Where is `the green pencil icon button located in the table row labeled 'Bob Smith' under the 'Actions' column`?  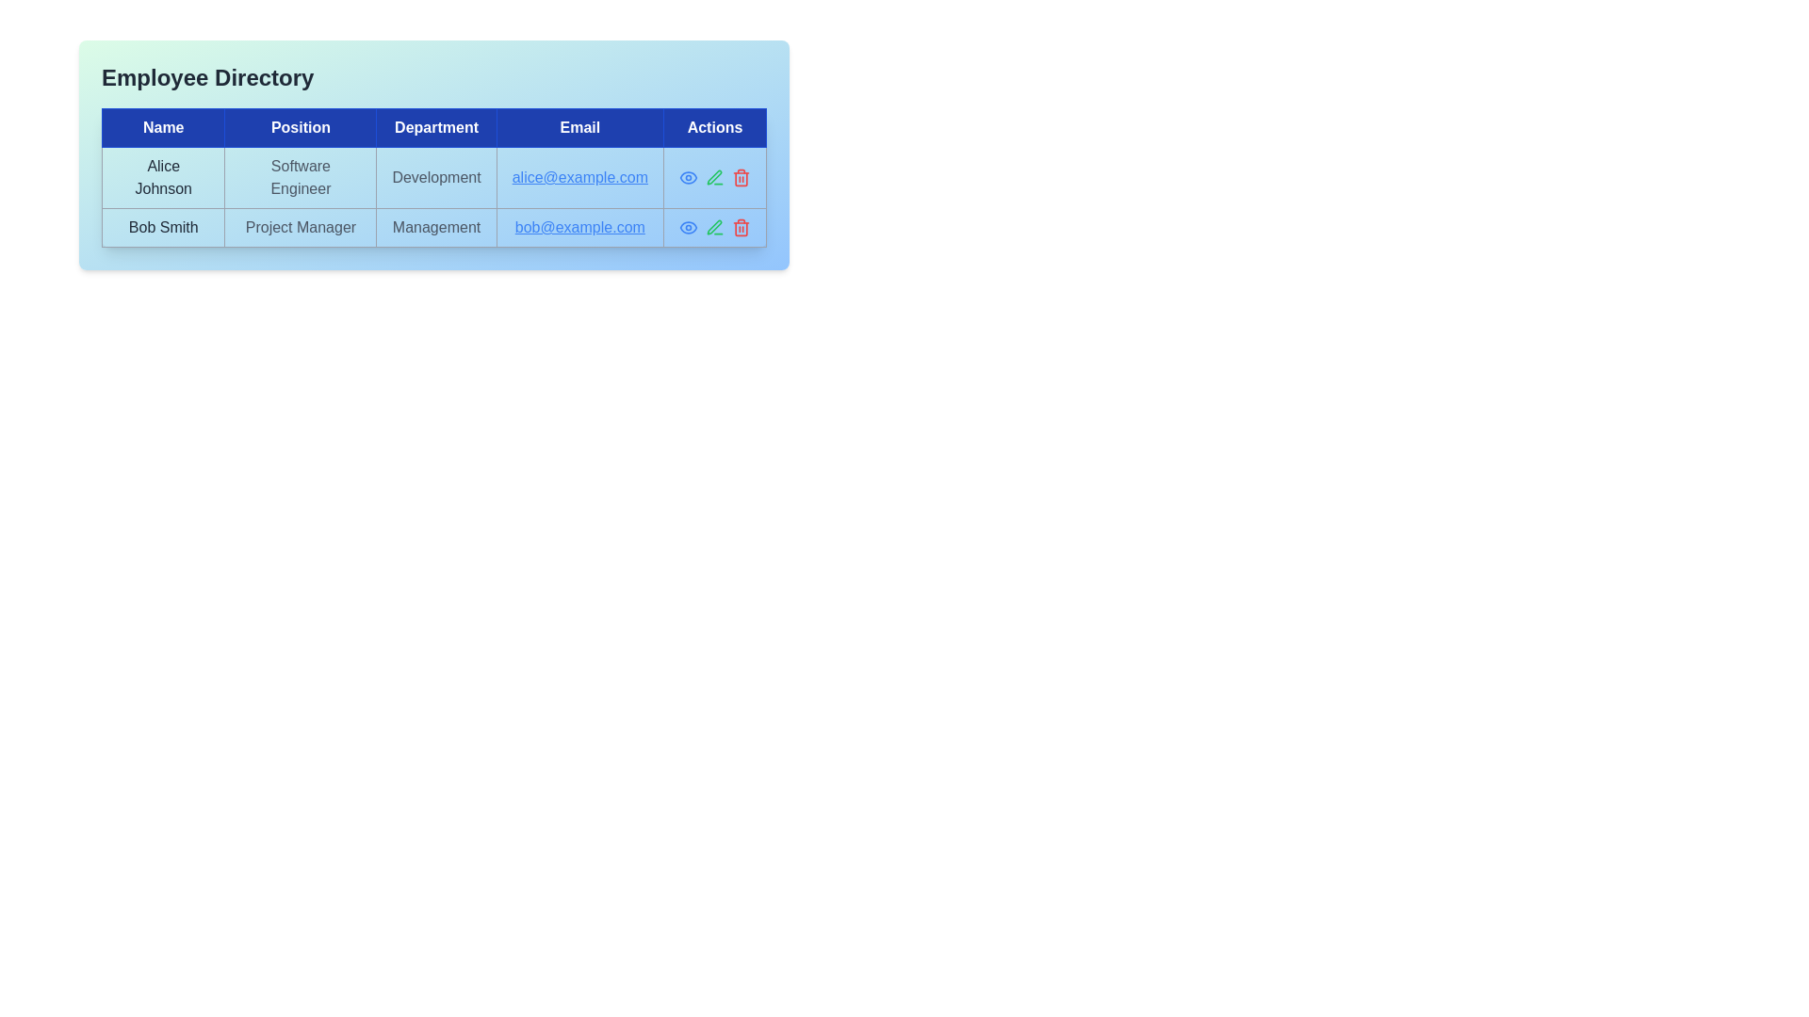
the green pencil icon button located in the table row labeled 'Bob Smith' under the 'Actions' column is located at coordinates (713, 227).